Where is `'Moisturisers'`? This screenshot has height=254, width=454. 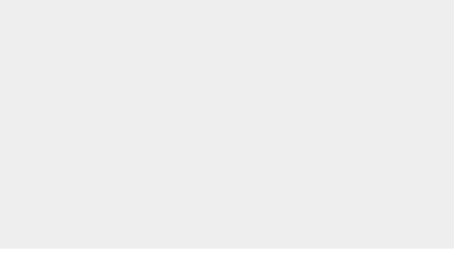 'Moisturisers' is located at coordinates (80, 45).